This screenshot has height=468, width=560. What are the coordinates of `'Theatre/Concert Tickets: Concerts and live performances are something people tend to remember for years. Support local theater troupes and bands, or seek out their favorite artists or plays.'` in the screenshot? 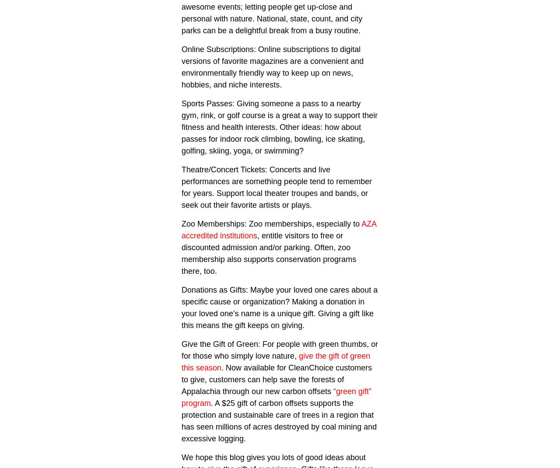 It's located at (276, 187).